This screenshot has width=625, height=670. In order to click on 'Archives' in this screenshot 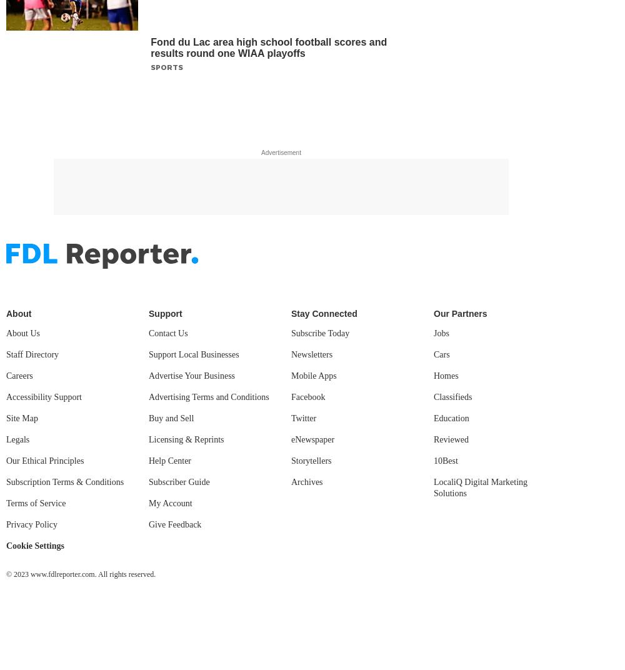, I will do `click(306, 482)`.